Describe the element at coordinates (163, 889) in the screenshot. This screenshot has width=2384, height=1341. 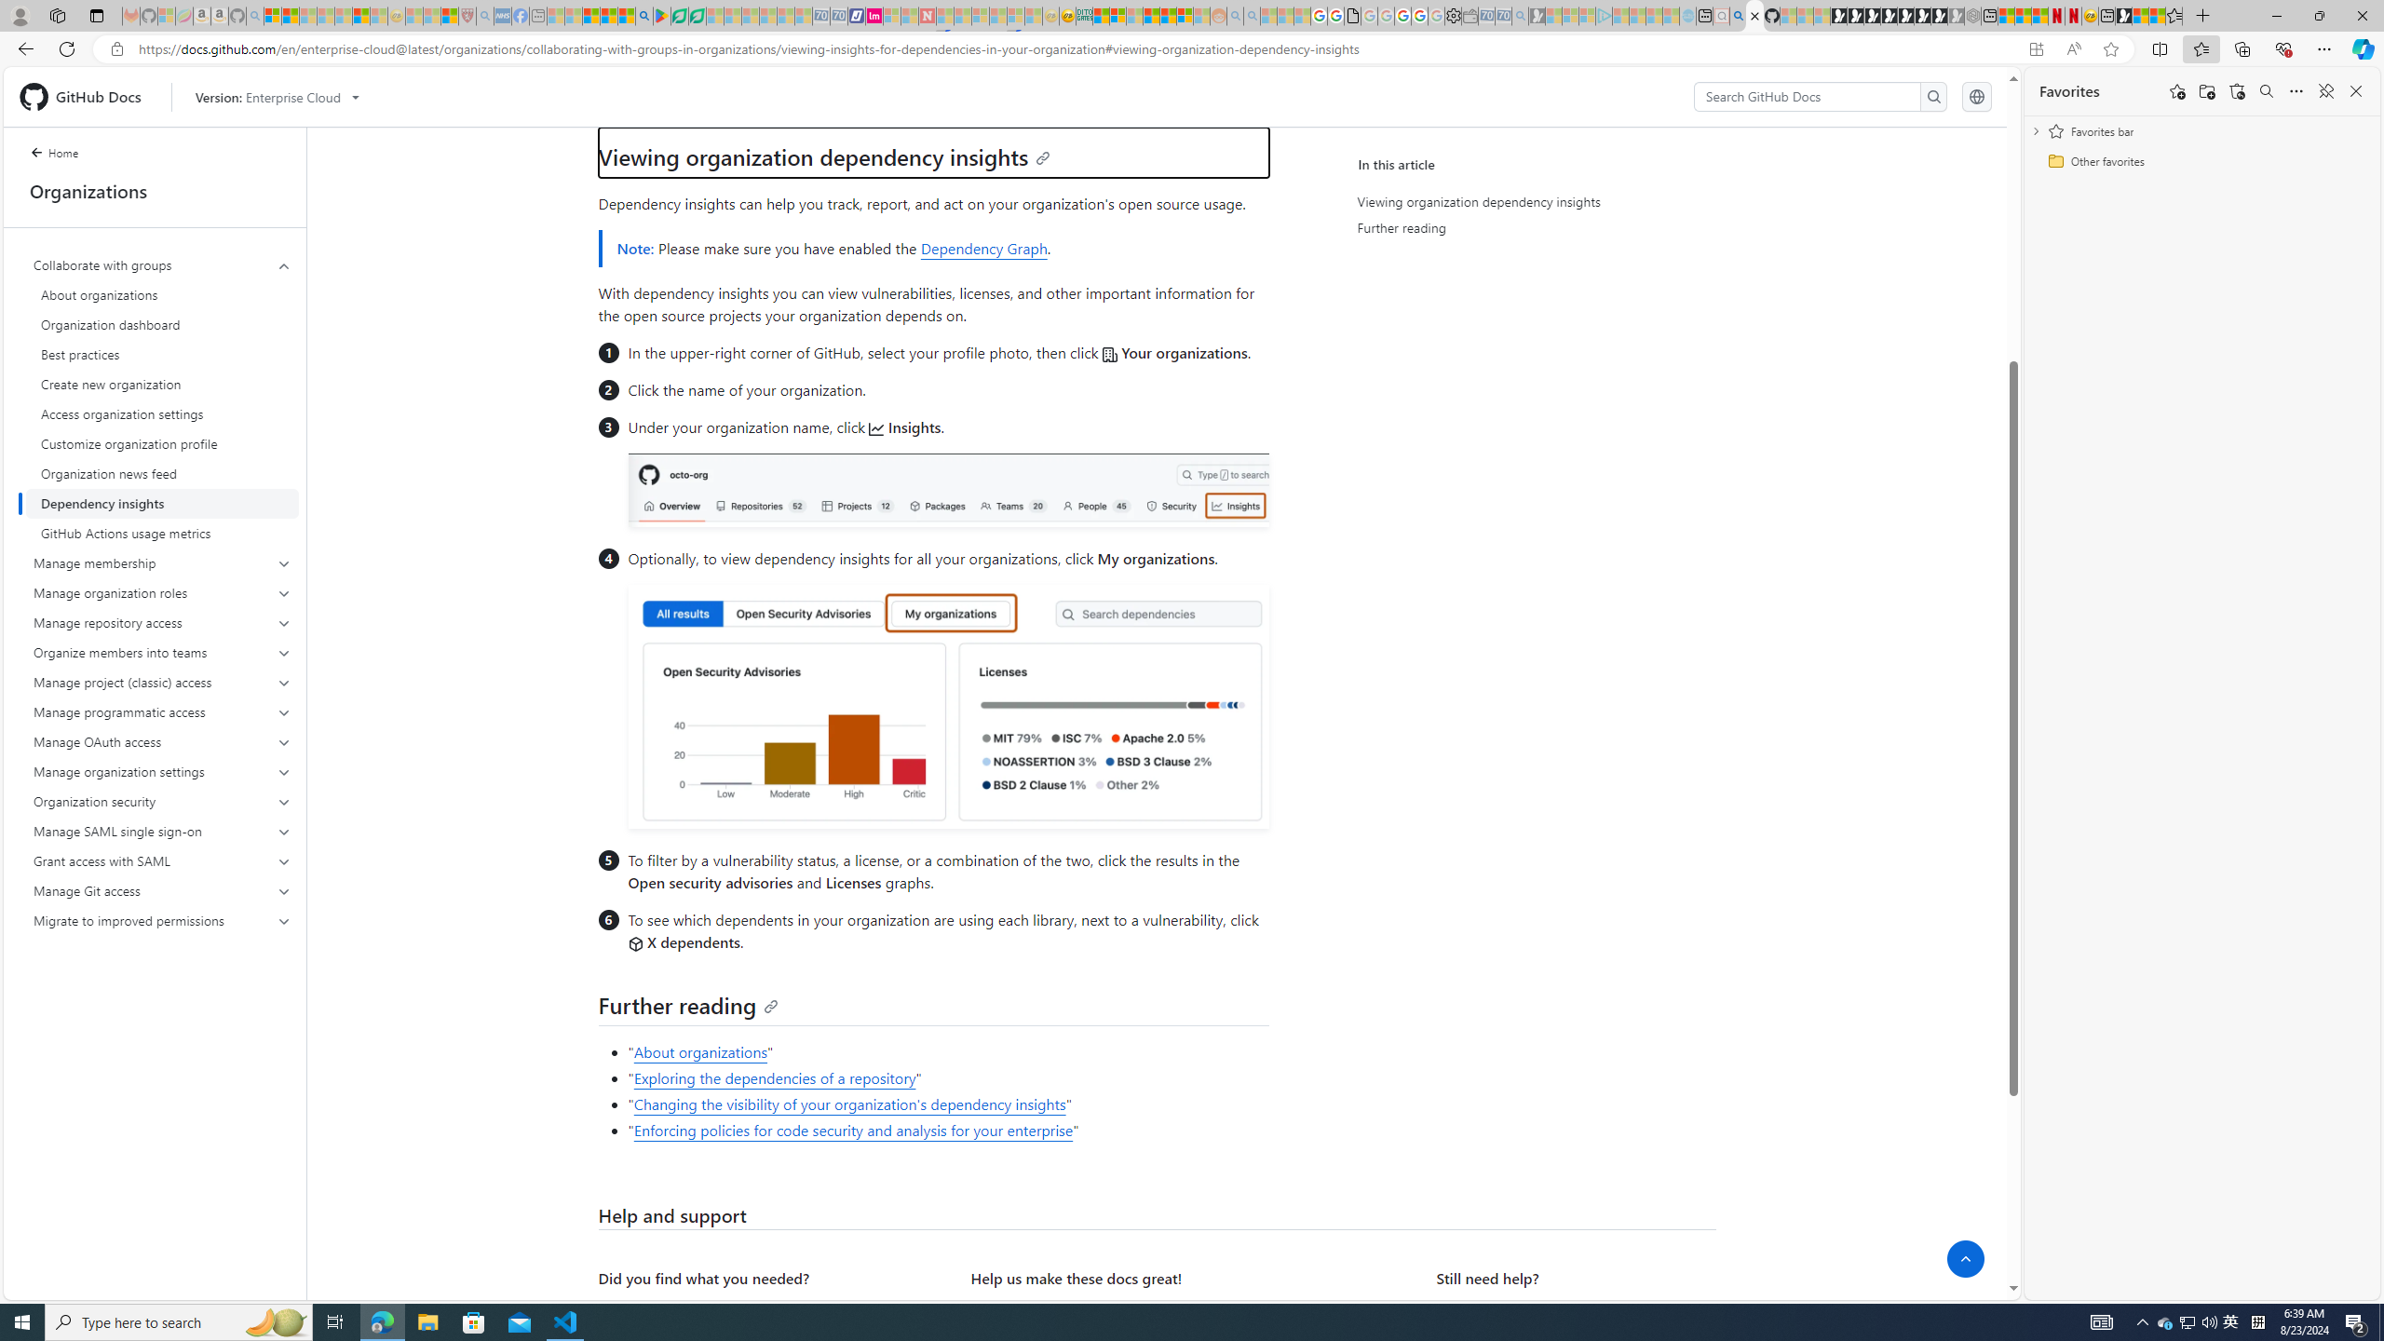
I see `'Manage Git access'` at that location.